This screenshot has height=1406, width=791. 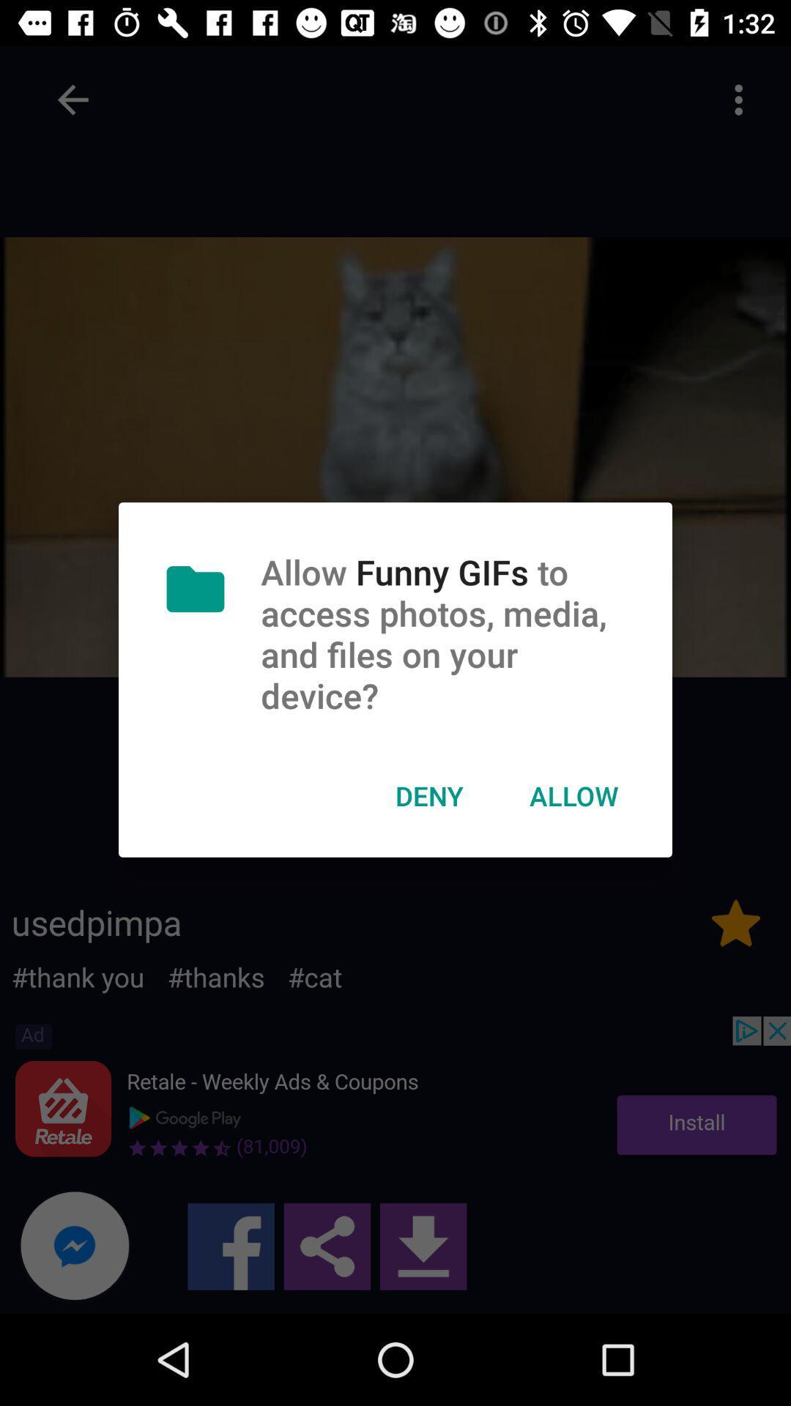 What do you see at coordinates (73, 99) in the screenshot?
I see `go back` at bounding box center [73, 99].